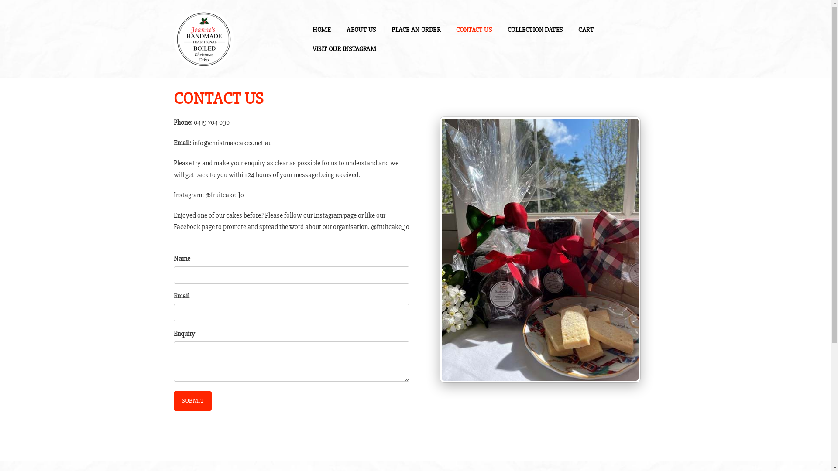 This screenshot has width=838, height=471. What do you see at coordinates (344, 48) in the screenshot?
I see `'VISIT OUR INSTAGRAM'` at bounding box center [344, 48].